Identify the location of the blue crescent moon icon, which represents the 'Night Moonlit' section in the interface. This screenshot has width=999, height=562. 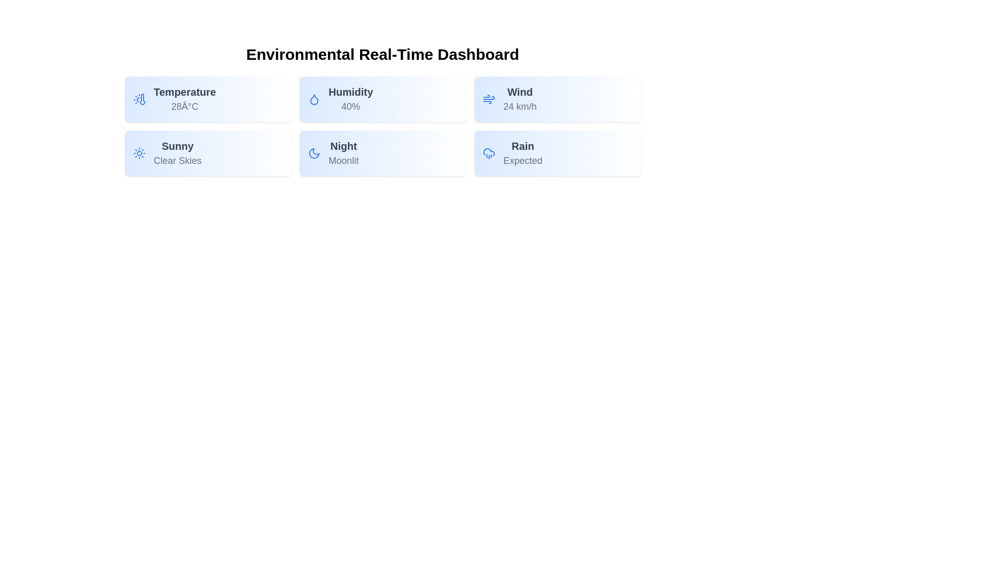
(313, 153).